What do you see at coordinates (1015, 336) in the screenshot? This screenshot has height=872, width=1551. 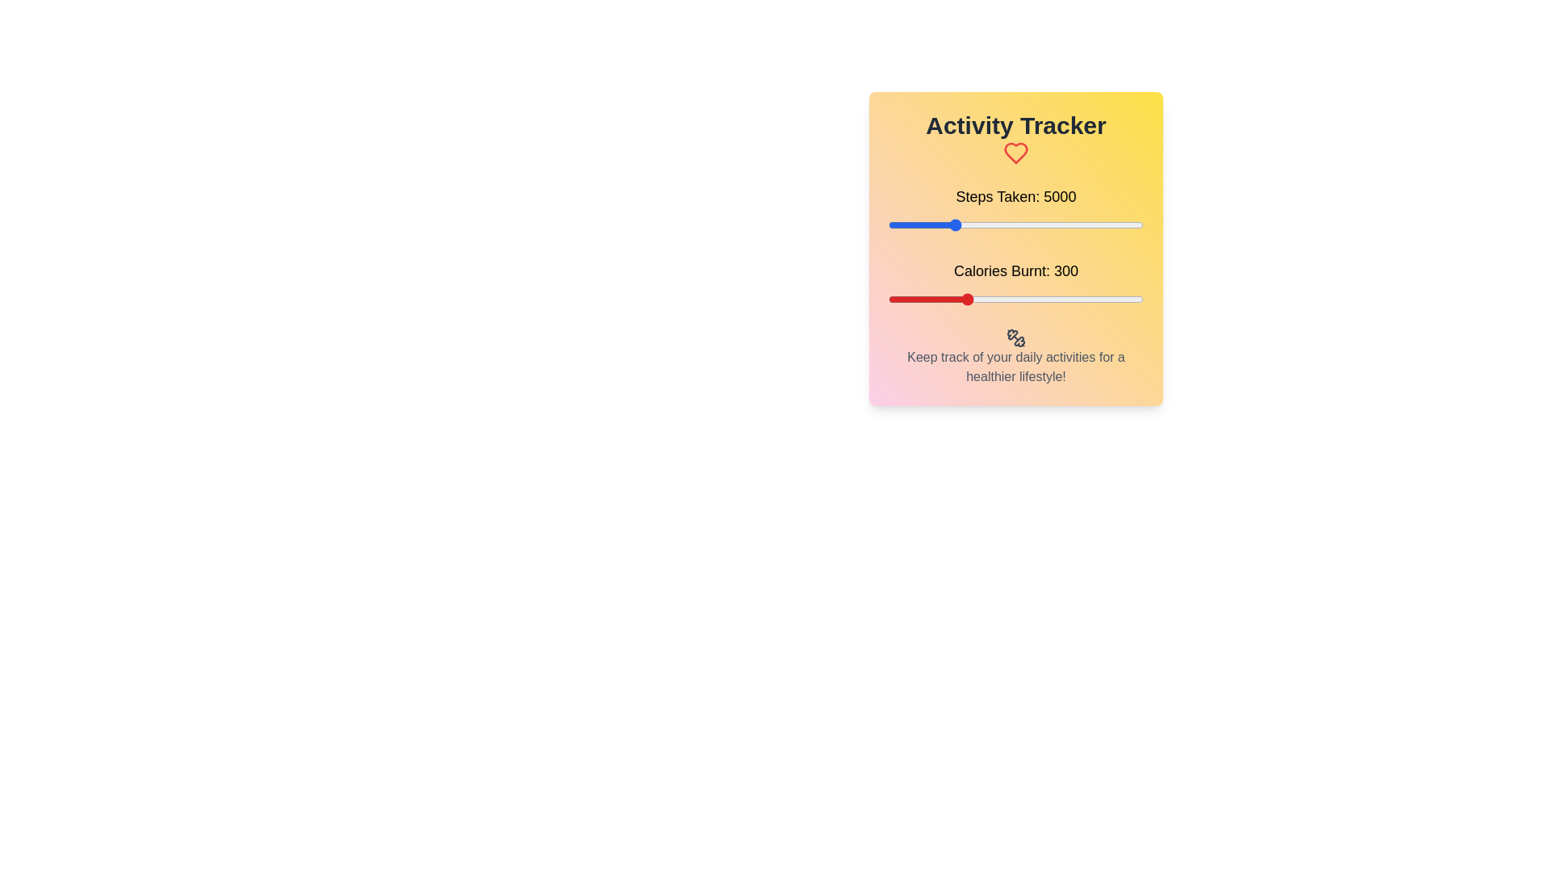 I see `the fitness icon located in the lower central region of the 'Activity Tracker' section, positioned above the text 'Keep track of your daily activities for a healthier lifestyle!'` at bounding box center [1015, 336].